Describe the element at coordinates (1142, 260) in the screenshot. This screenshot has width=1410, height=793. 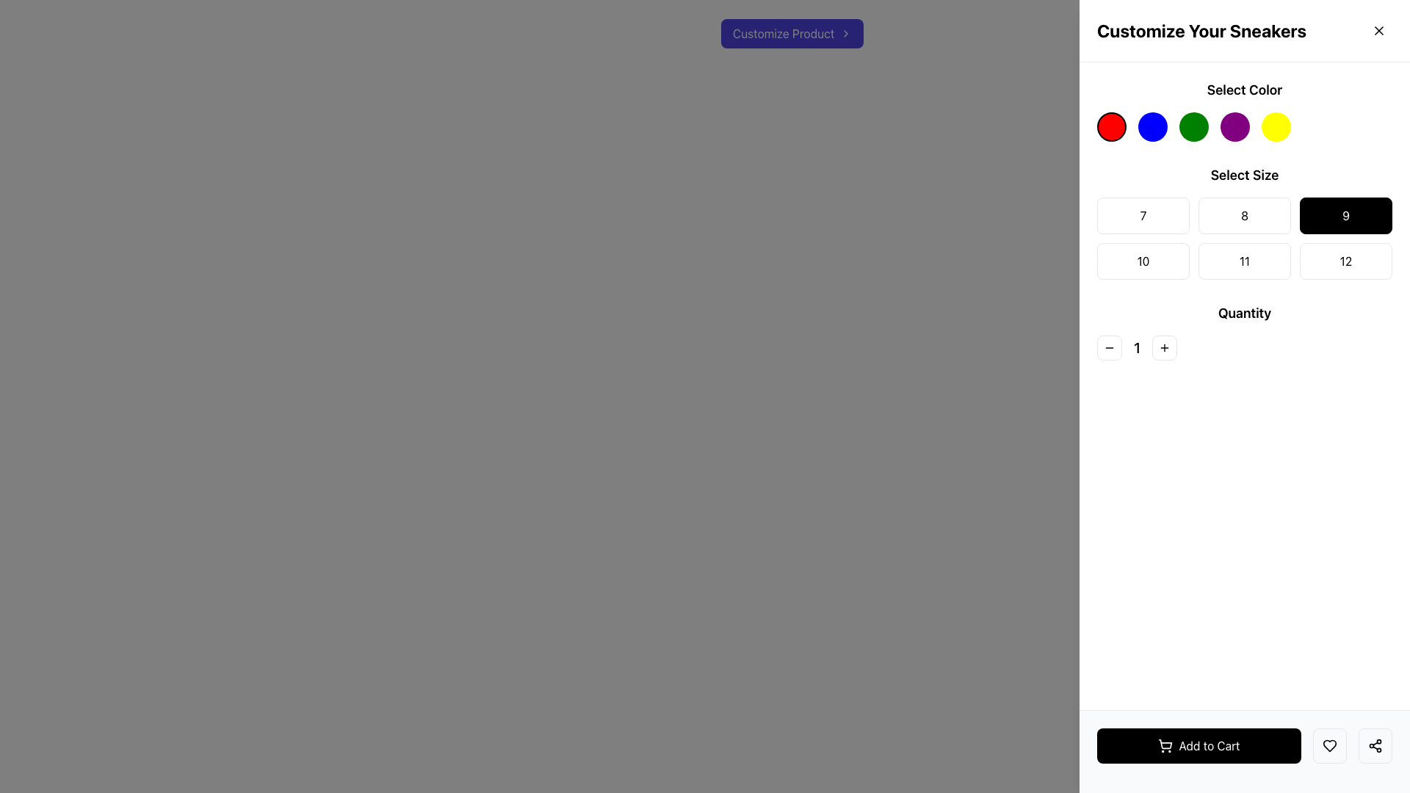
I see `the button labeled '10' in the 'Select Size' section` at that location.